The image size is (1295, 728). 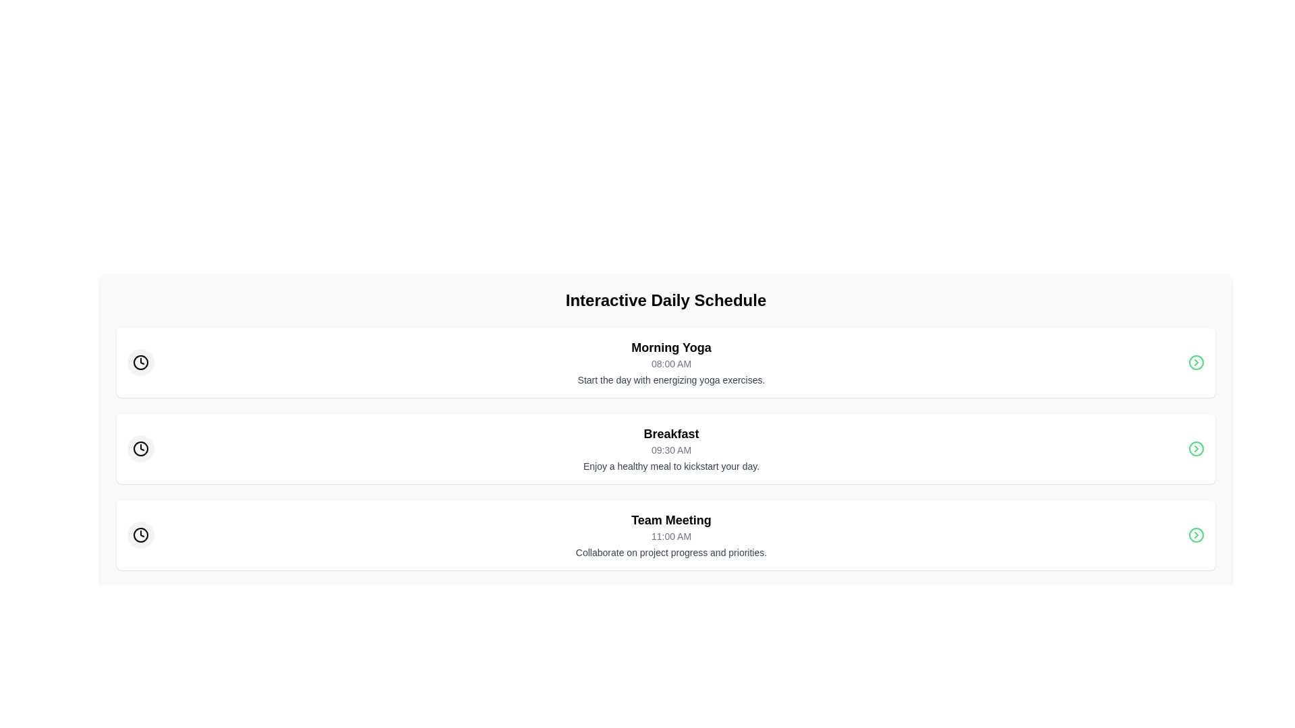 What do you see at coordinates (141, 449) in the screenshot?
I see `the clock icon located next to the 'Breakfast' item in the schedule` at bounding box center [141, 449].